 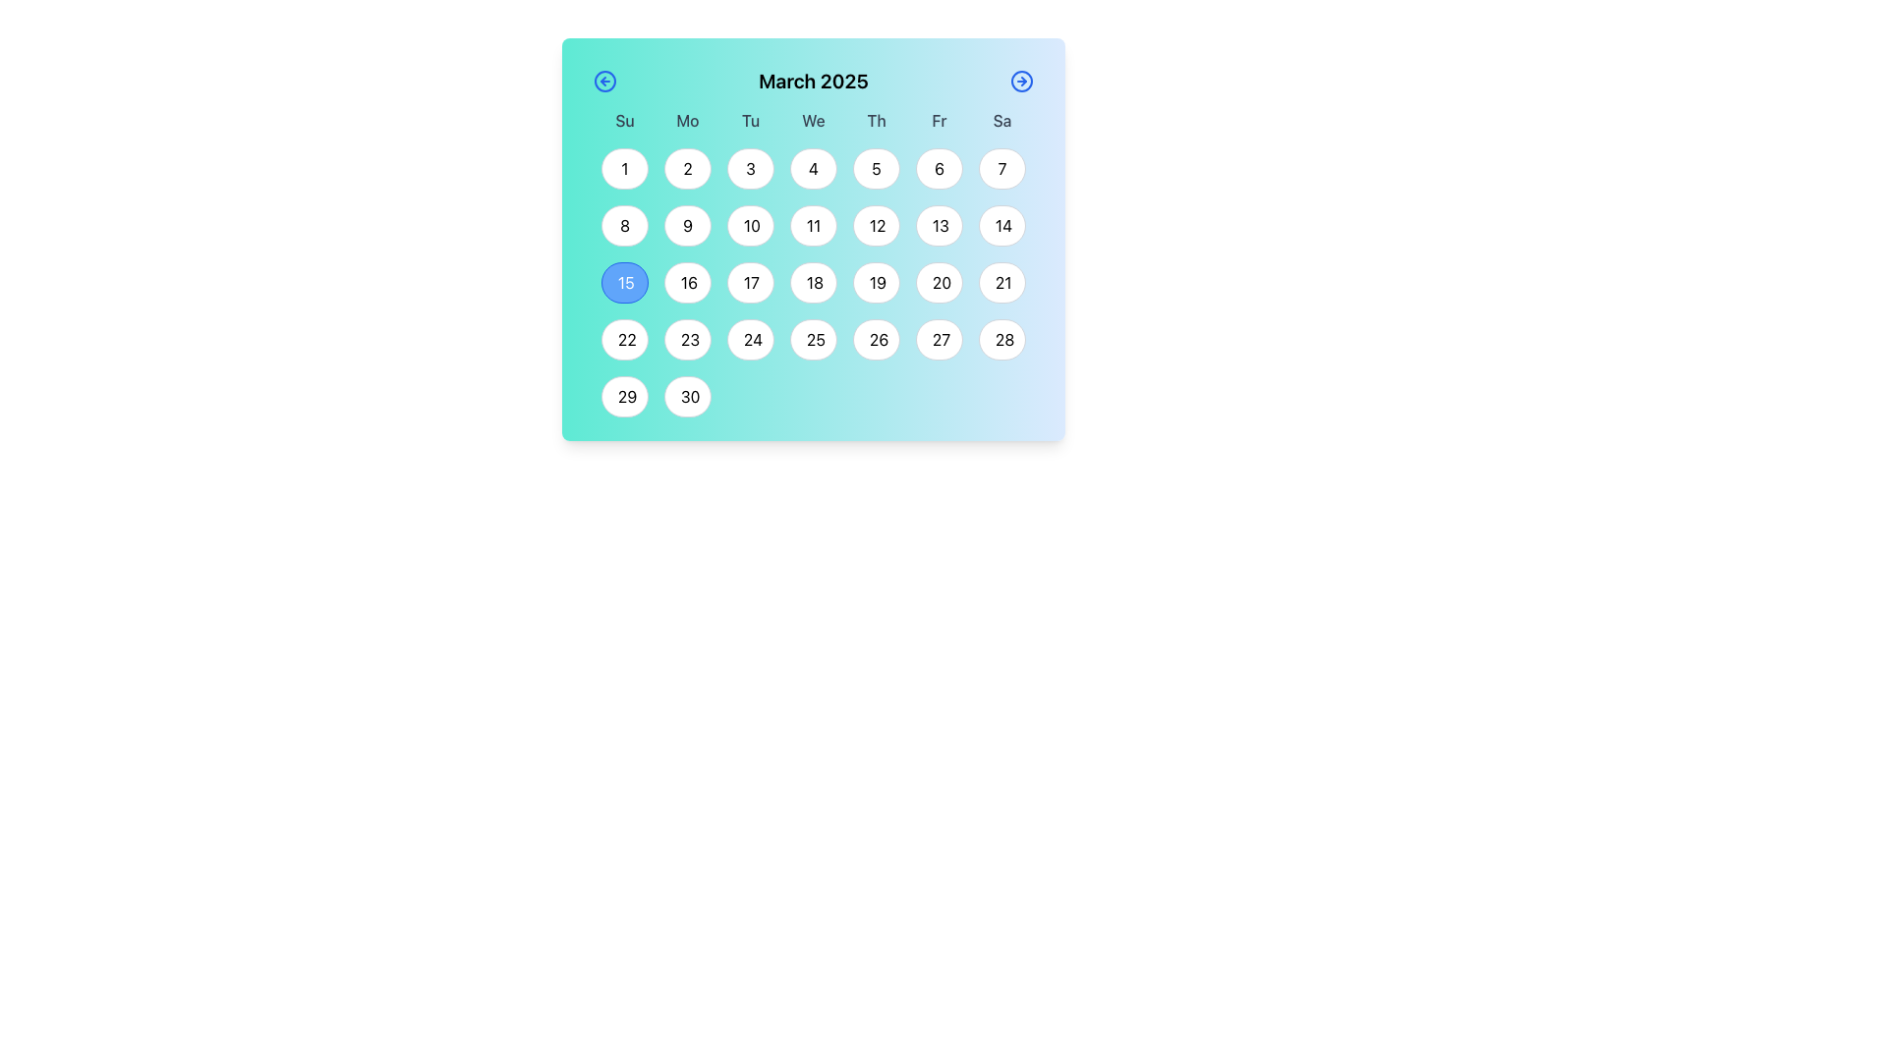 I want to click on the button representing the date '22' in the March 2025 calendar, so click(x=623, y=339).